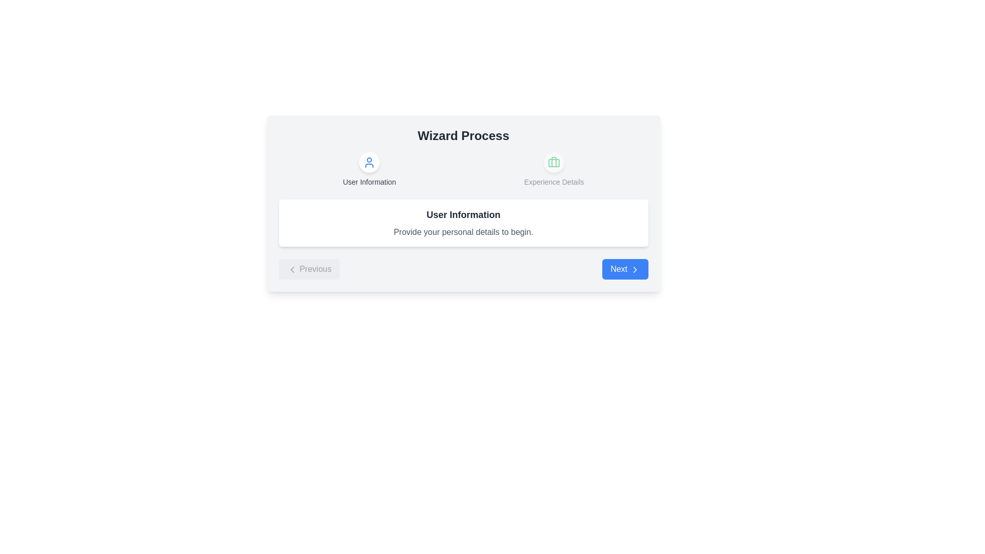 This screenshot has height=554, width=985. I want to click on the green rounded button containing the briefcase icon labeled 'Experience Details', so click(554, 169).